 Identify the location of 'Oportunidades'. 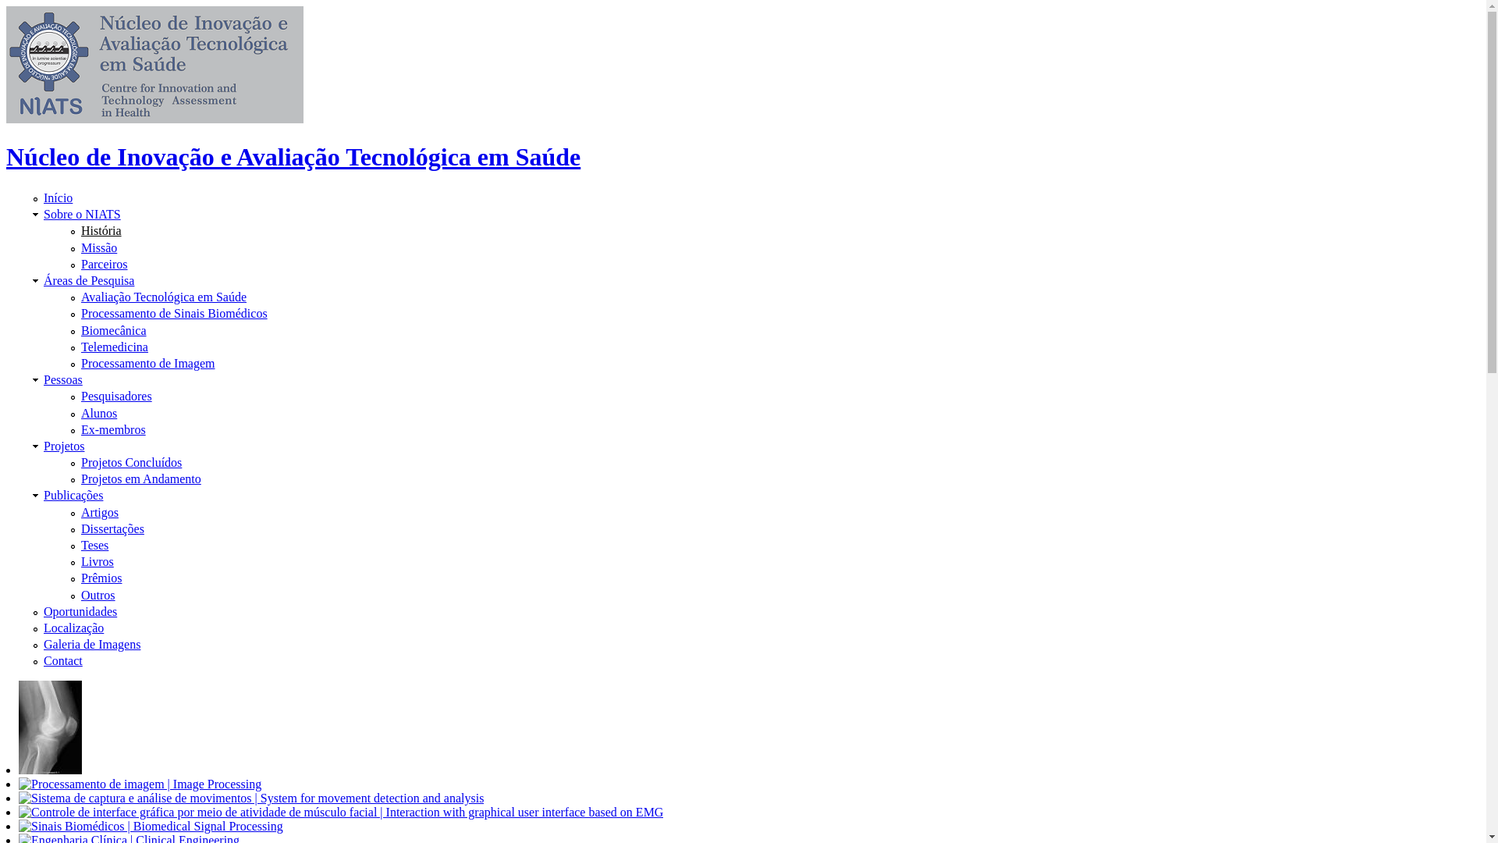
(79, 610).